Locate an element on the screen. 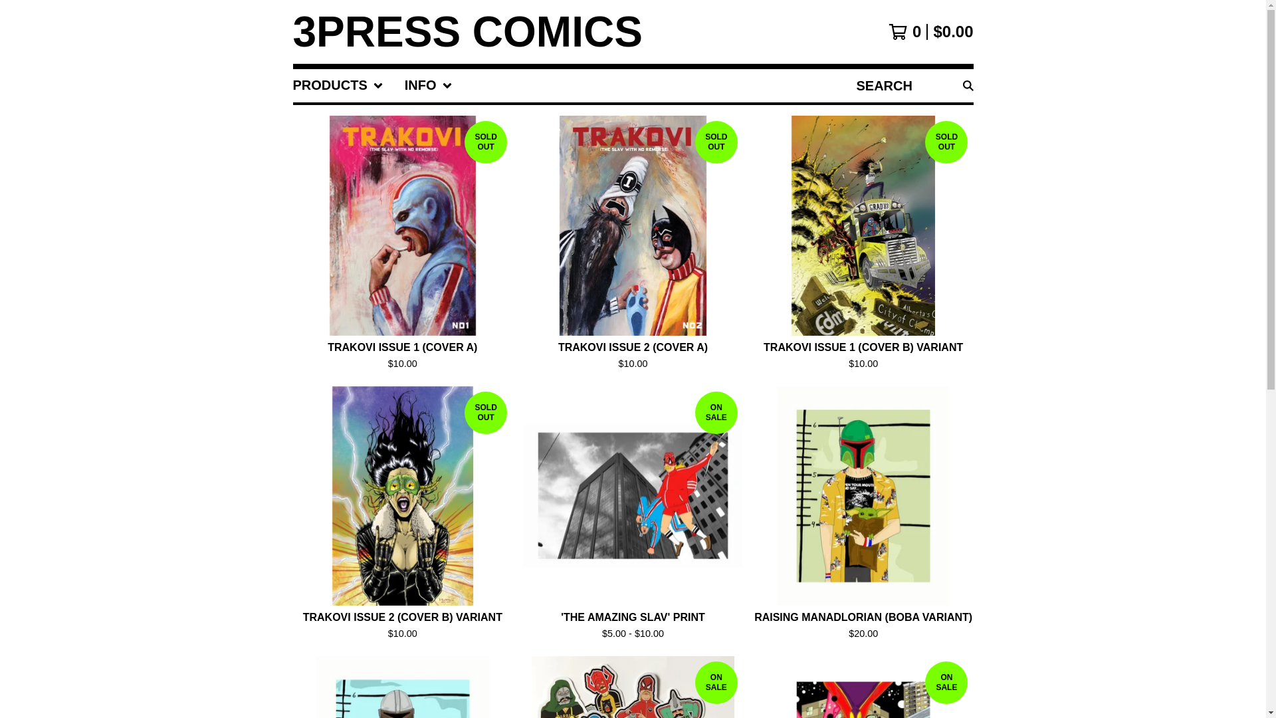 The width and height of the screenshot is (1276, 718). '0 is located at coordinates (930, 31).